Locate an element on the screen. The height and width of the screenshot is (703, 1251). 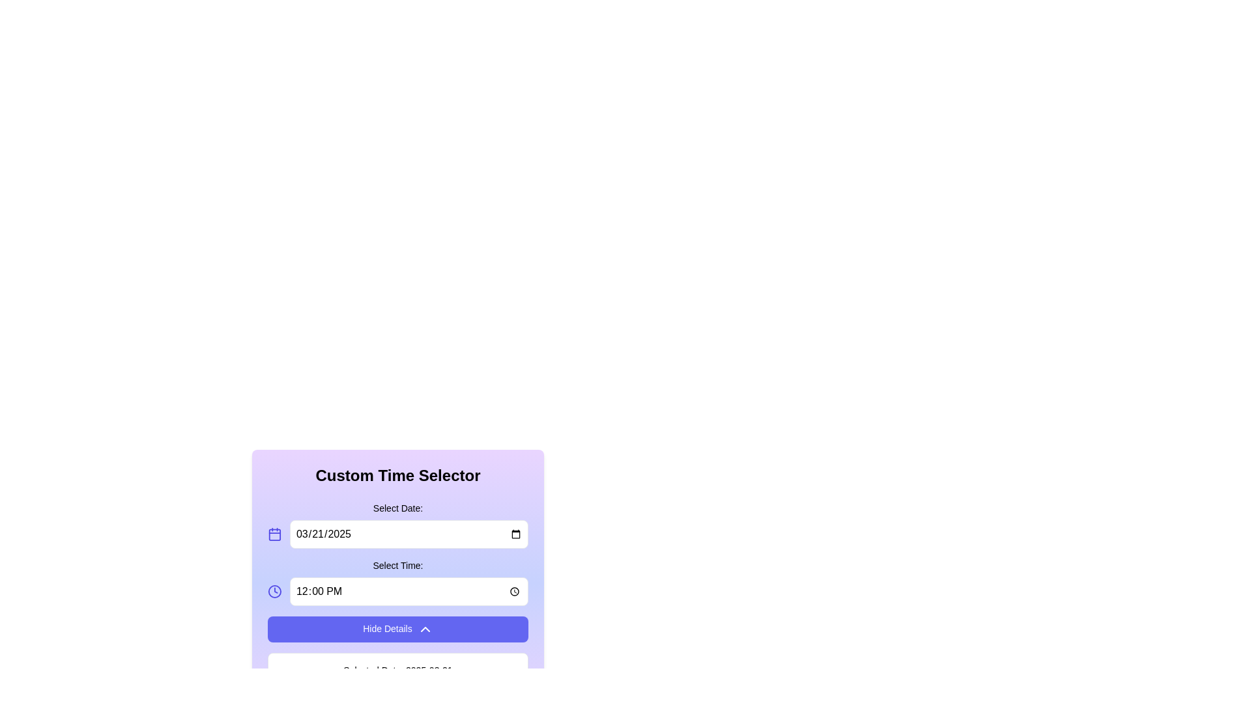
the background rectangle of the calendar icon, which is outlined in purple and located adjacent to the 'Select Date' text field is located at coordinates (274, 534).